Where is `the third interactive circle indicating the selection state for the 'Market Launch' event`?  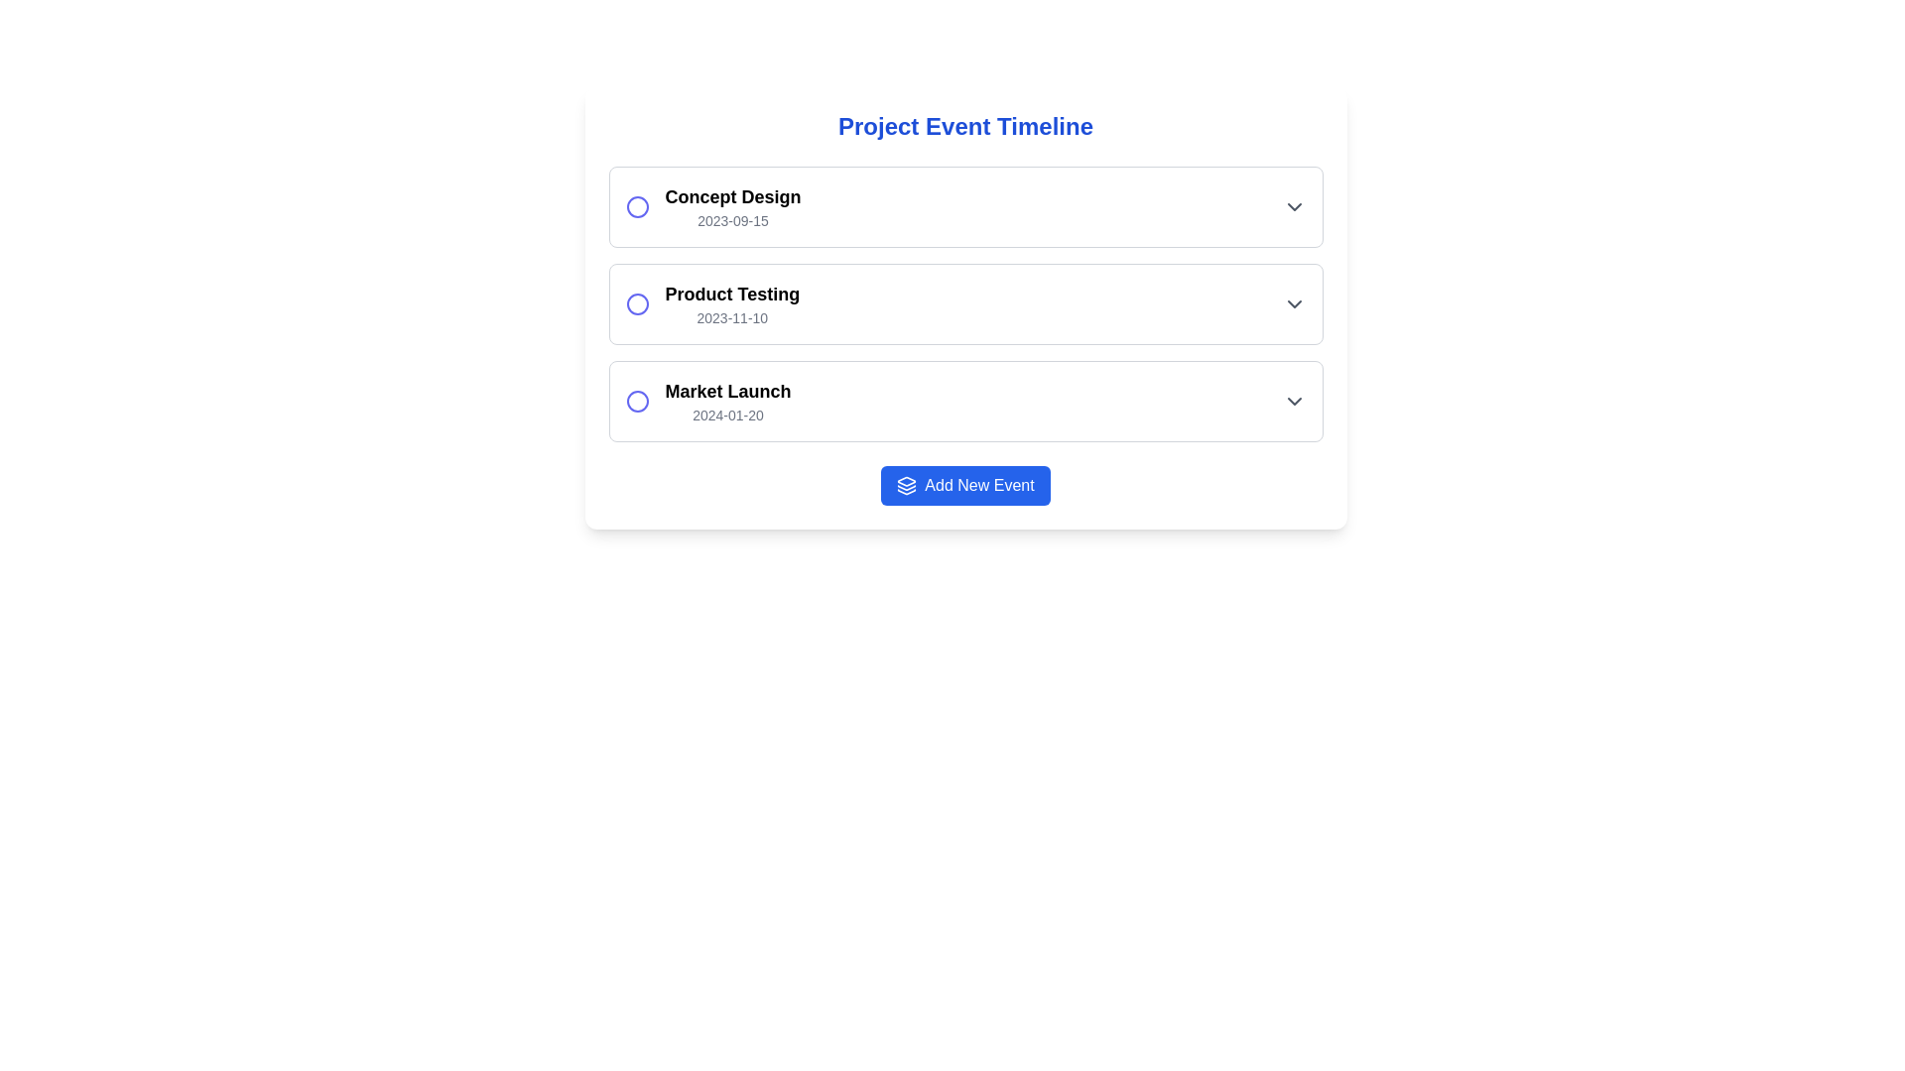
the third interactive circle indicating the selection state for the 'Market Launch' event is located at coordinates (637, 402).